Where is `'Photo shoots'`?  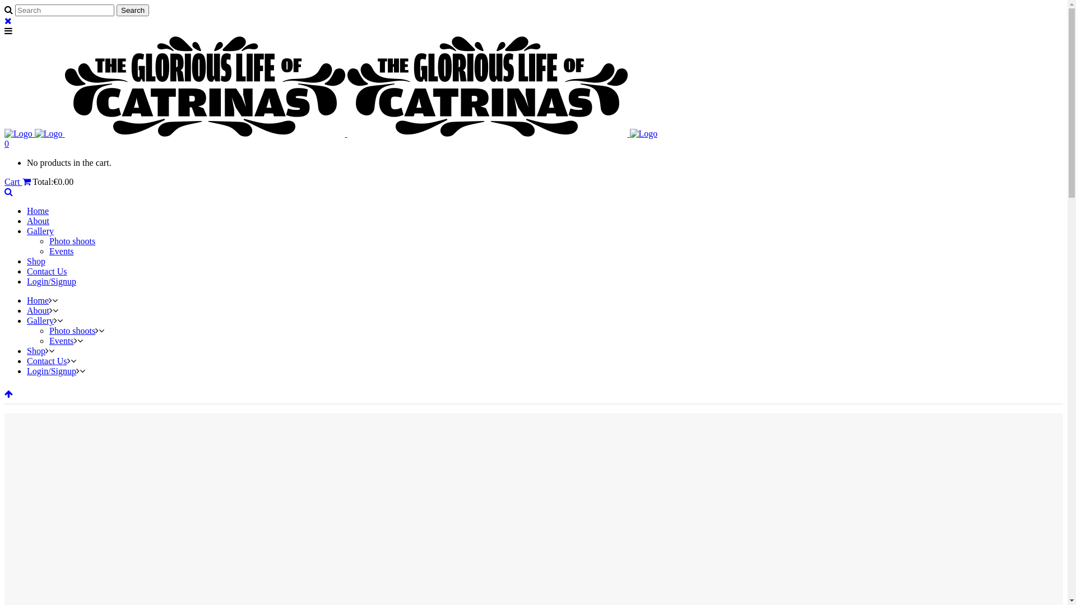
'Photo shoots' is located at coordinates (72, 330).